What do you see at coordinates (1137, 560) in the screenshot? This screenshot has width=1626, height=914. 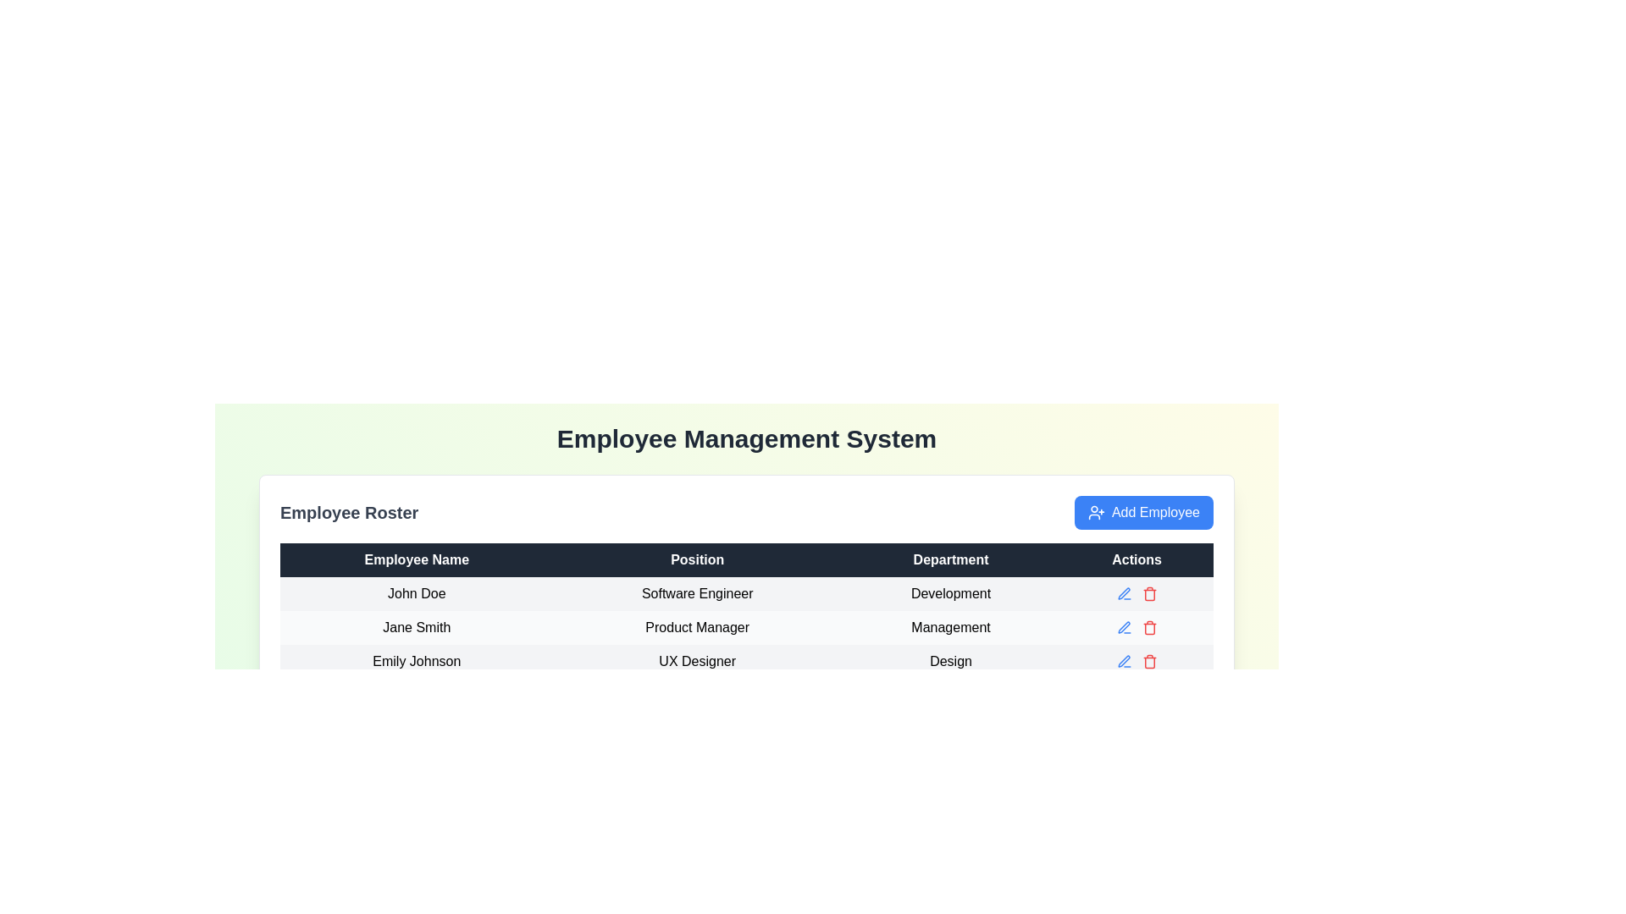 I see `the 'Actions' header element in the table` at bounding box center [1137, 560].